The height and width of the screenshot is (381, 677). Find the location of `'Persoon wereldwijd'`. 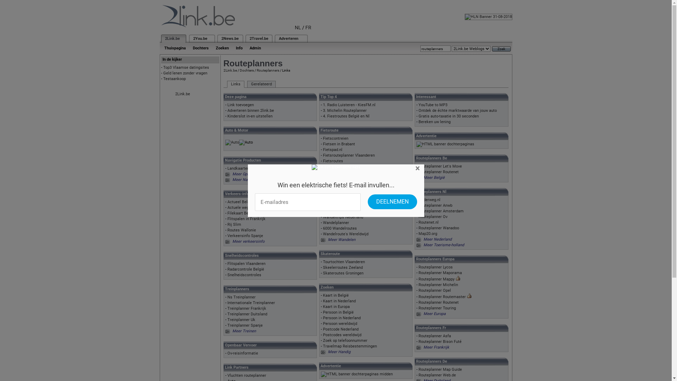

'Persoon wereldwijd' is located at coordinates (340, 323).